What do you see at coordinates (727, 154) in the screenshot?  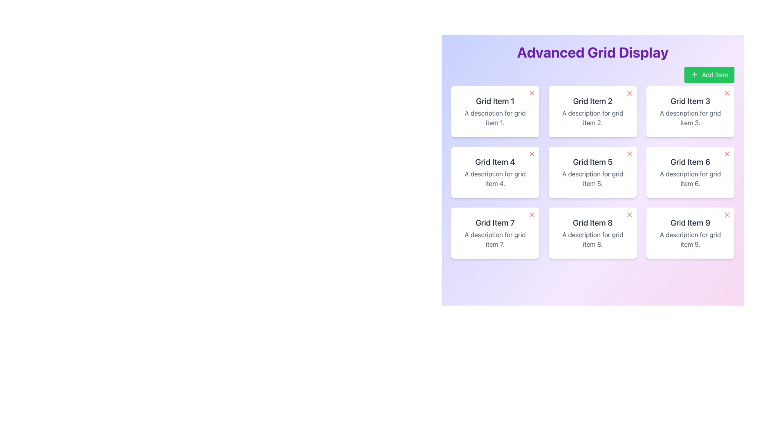 I see `the small cross (x) icon located in the top-right corner of the card labeled 'Grid Item 6'` at bounding box center [727, 154].